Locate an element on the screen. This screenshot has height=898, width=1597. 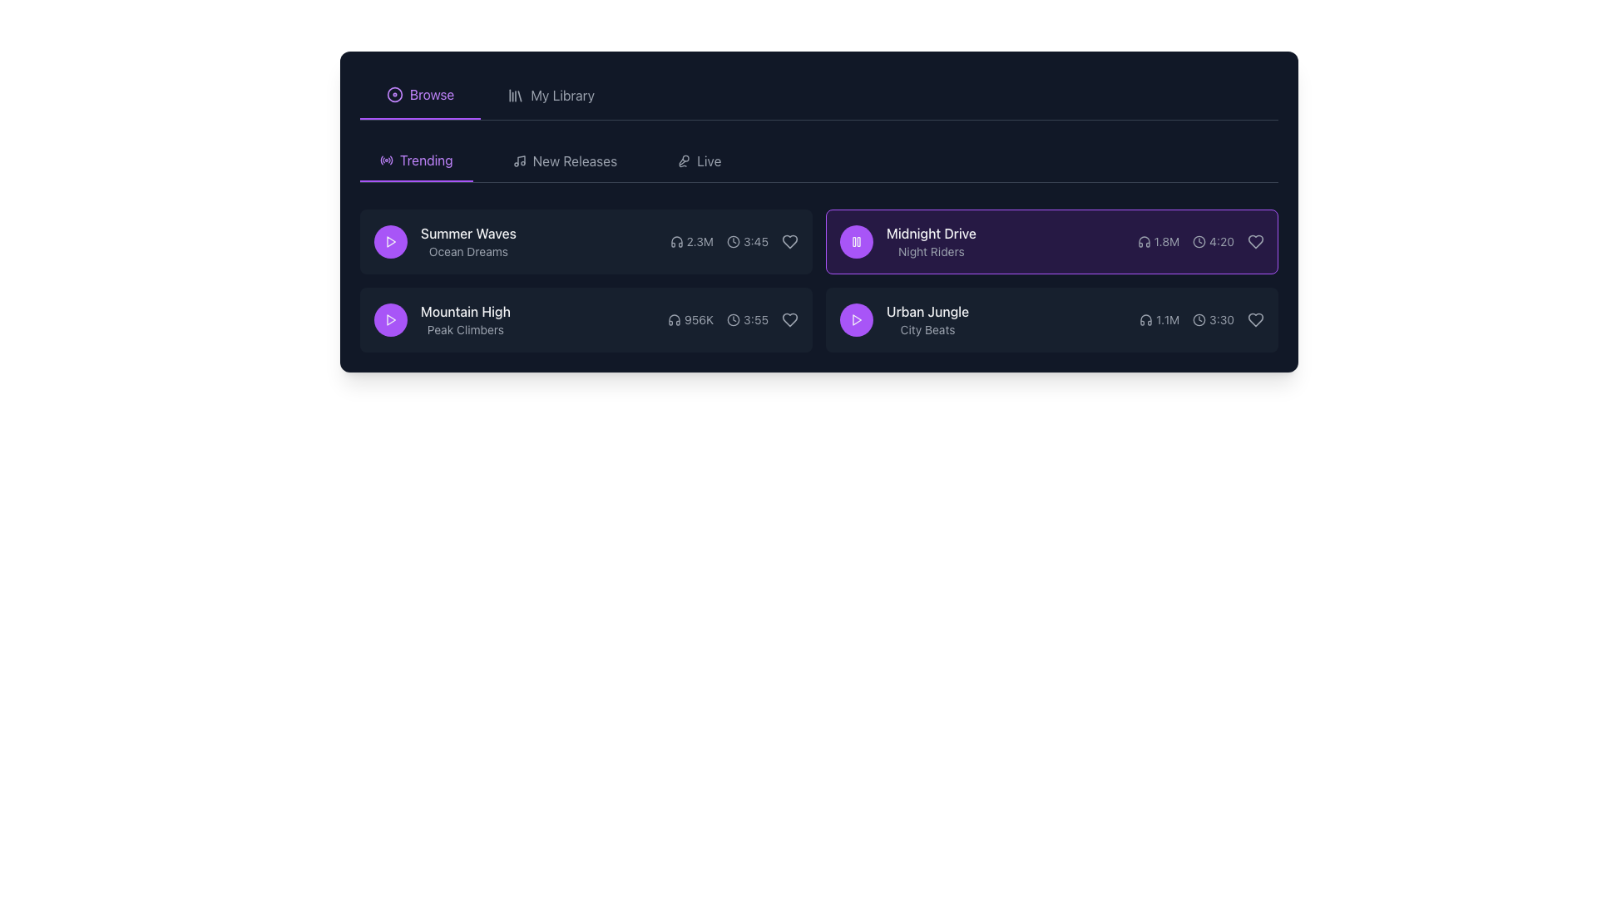
text label 'Mountain High' located in the 'Trending' section, specifically in the second item of the list, above the description labeled 'Peak Climbers' is located at coordinates (465, 311).